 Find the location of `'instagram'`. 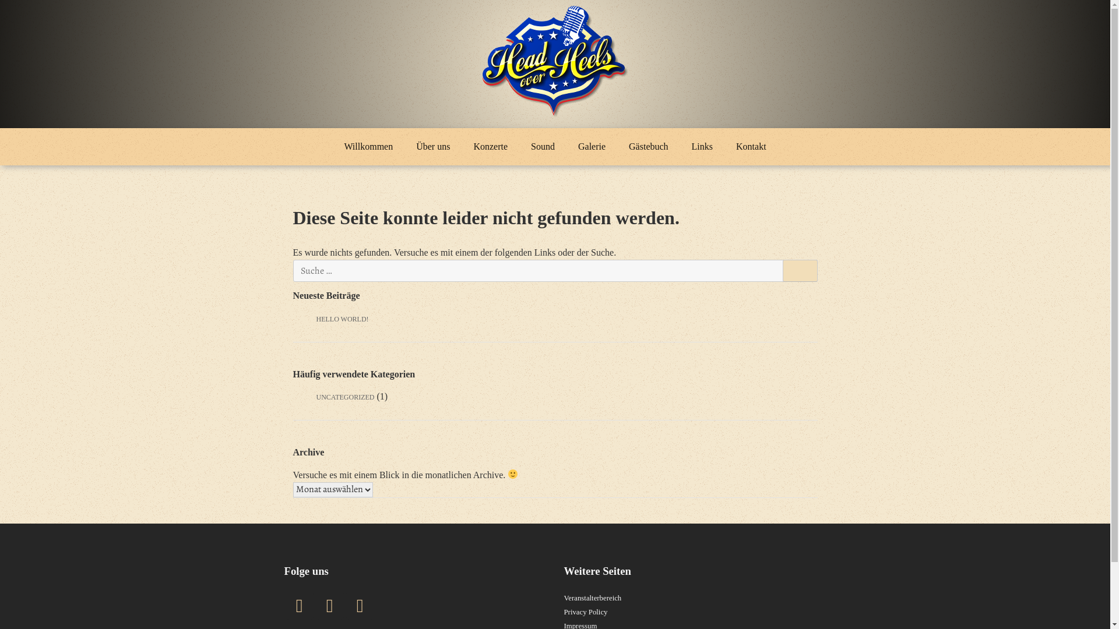

'instagram' is located at coordinates (329, 605).